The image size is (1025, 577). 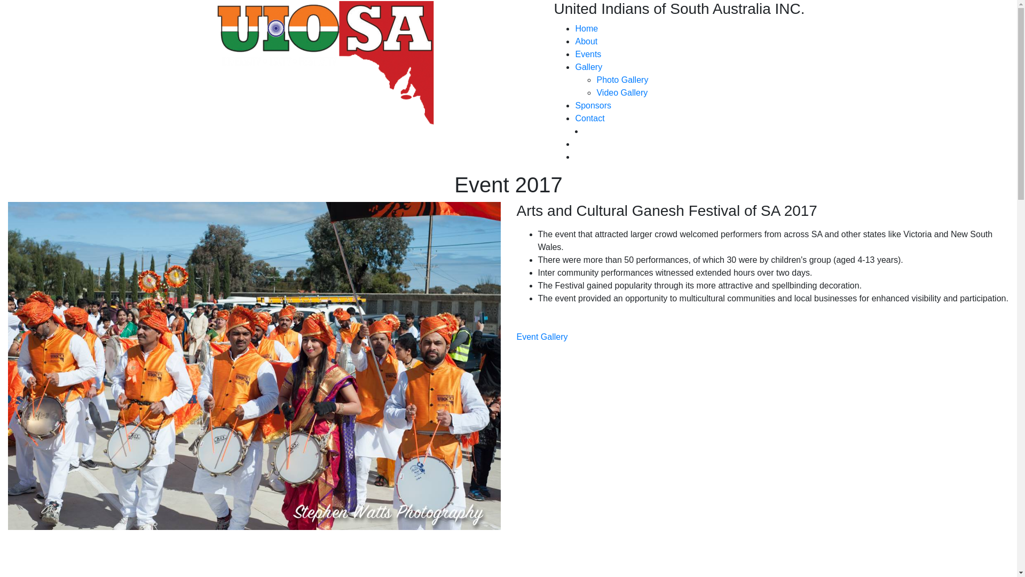 I want to click on 'Events', so click(x=587, y=54).